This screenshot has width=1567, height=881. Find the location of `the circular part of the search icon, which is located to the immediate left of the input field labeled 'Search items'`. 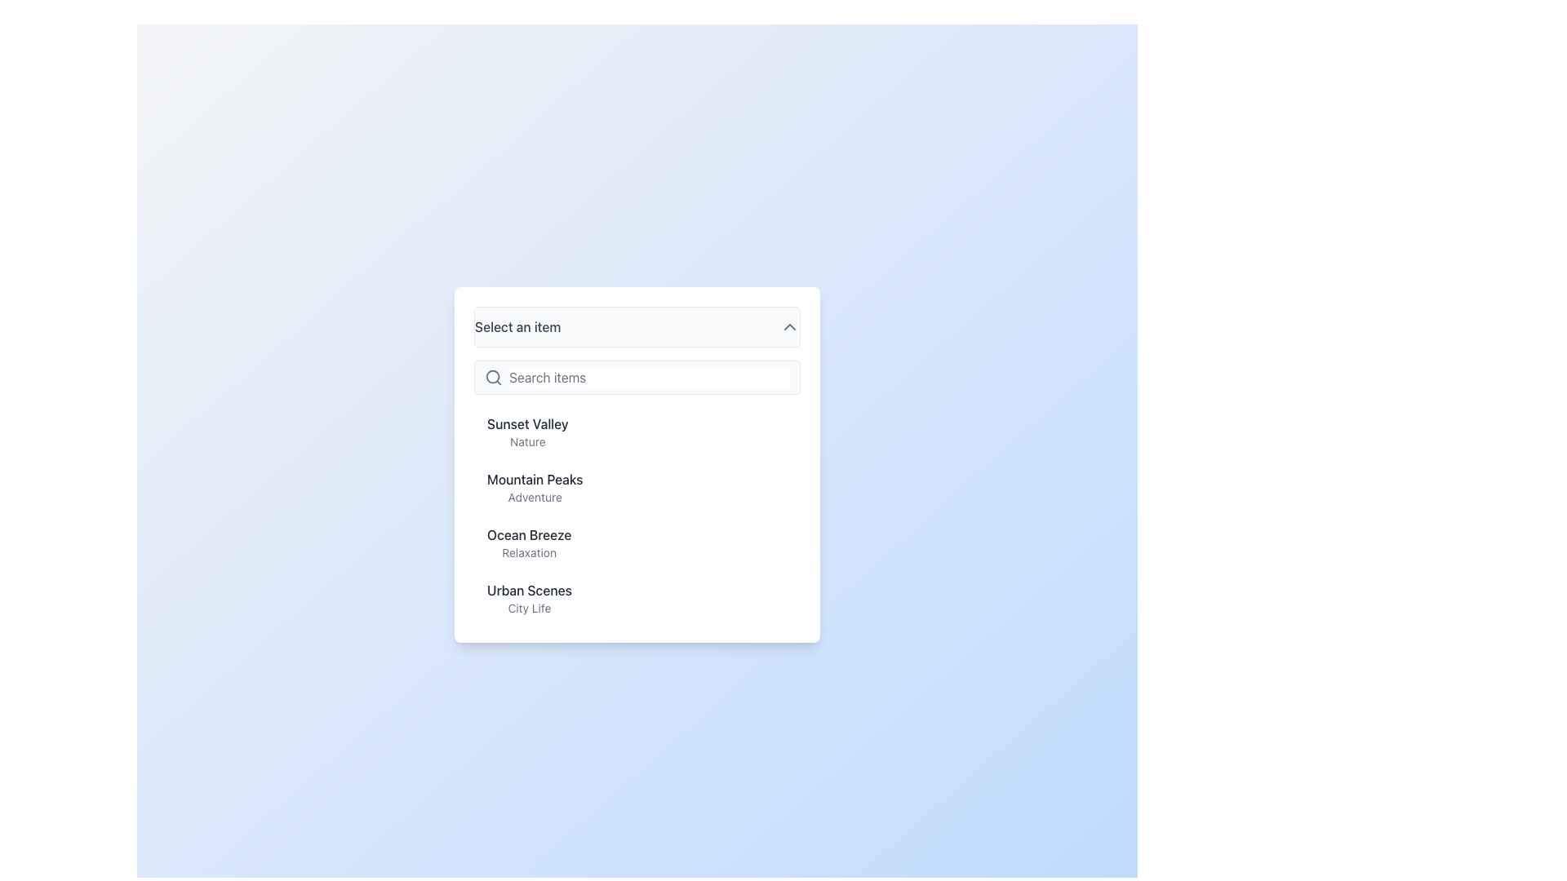

the circular part of the search icon, which is located to the immediate left of the input field labeled 'Search items' is located at coordinates (492, 377).